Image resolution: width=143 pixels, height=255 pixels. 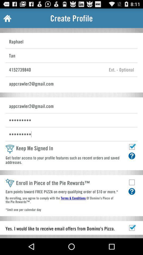 What do you see at coordinates (131, 156) in the screenshot?
I see `ask a question` at bounding box center [131, 156].